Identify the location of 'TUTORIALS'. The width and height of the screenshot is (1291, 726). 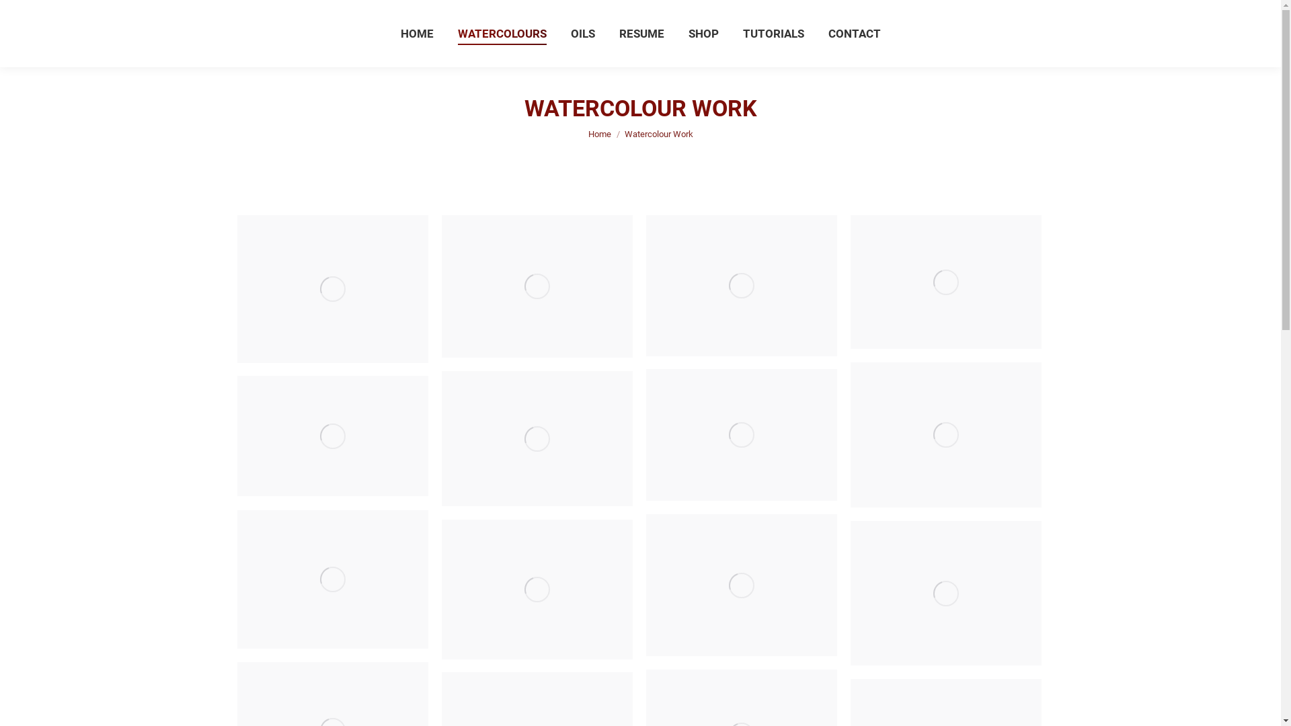
(738, 33).